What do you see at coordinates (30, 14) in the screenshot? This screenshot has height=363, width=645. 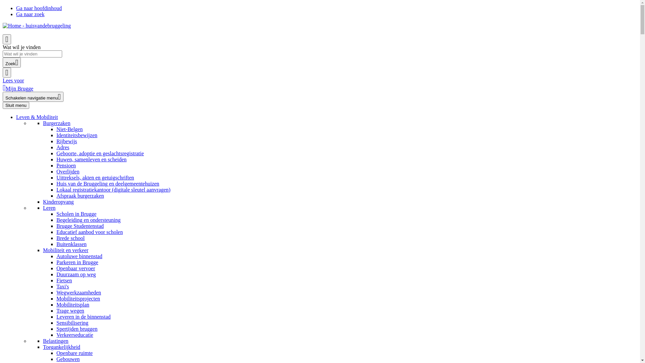 I see `'Ga naar zoek'` at bounding box center [30, 14].